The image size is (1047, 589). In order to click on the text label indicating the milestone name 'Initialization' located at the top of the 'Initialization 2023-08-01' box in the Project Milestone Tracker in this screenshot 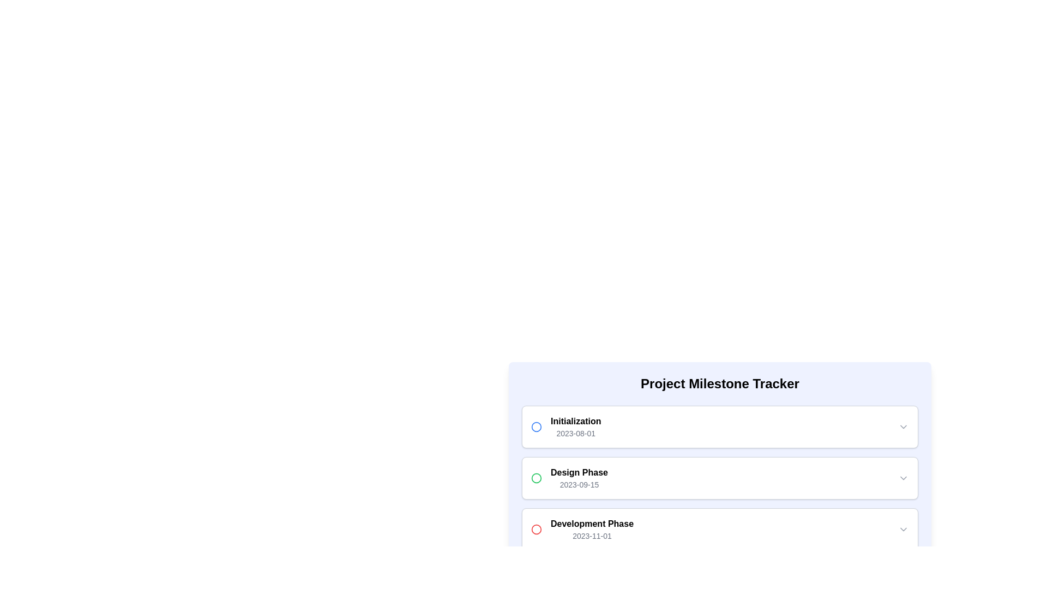, I will do `click(575, 420)`.